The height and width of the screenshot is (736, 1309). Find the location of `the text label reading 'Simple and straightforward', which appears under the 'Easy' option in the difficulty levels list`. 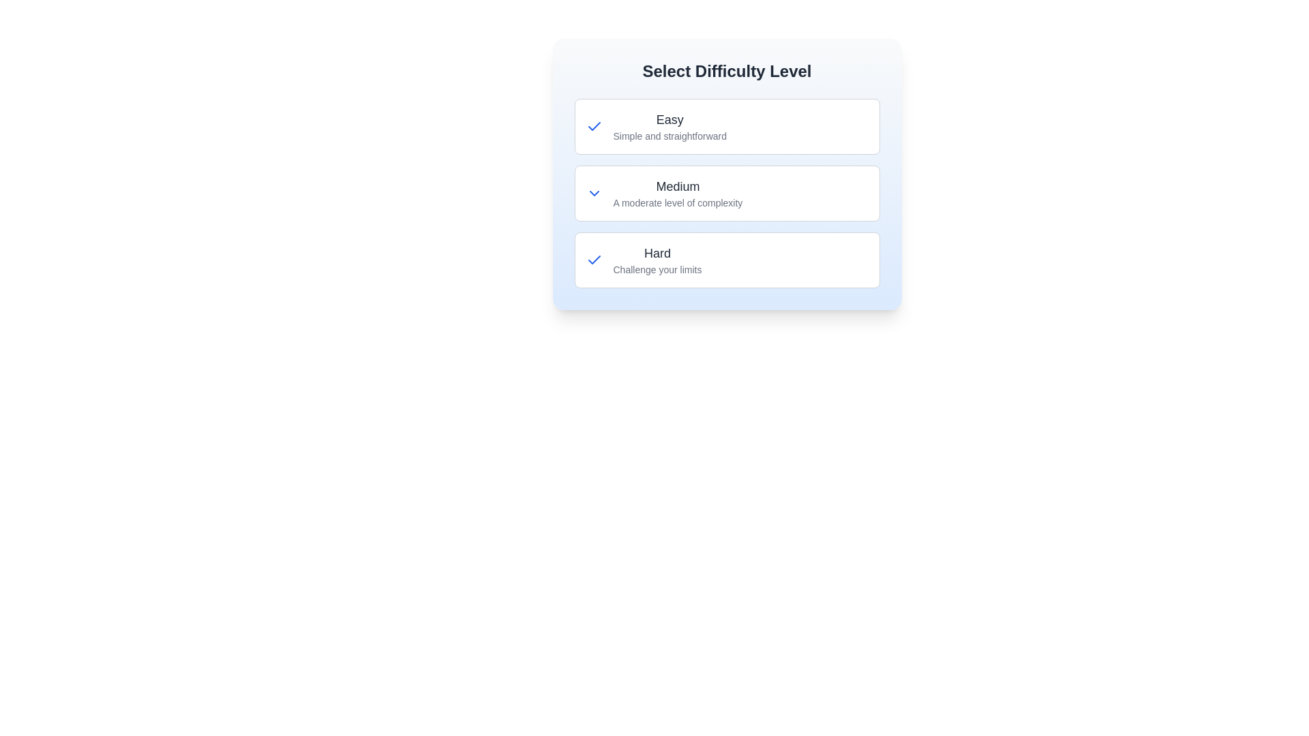

the text label reading 'Simple and straightforward', which appears under the 'Easy' option in the difficulty levels list is located at coordinates (669, 136).